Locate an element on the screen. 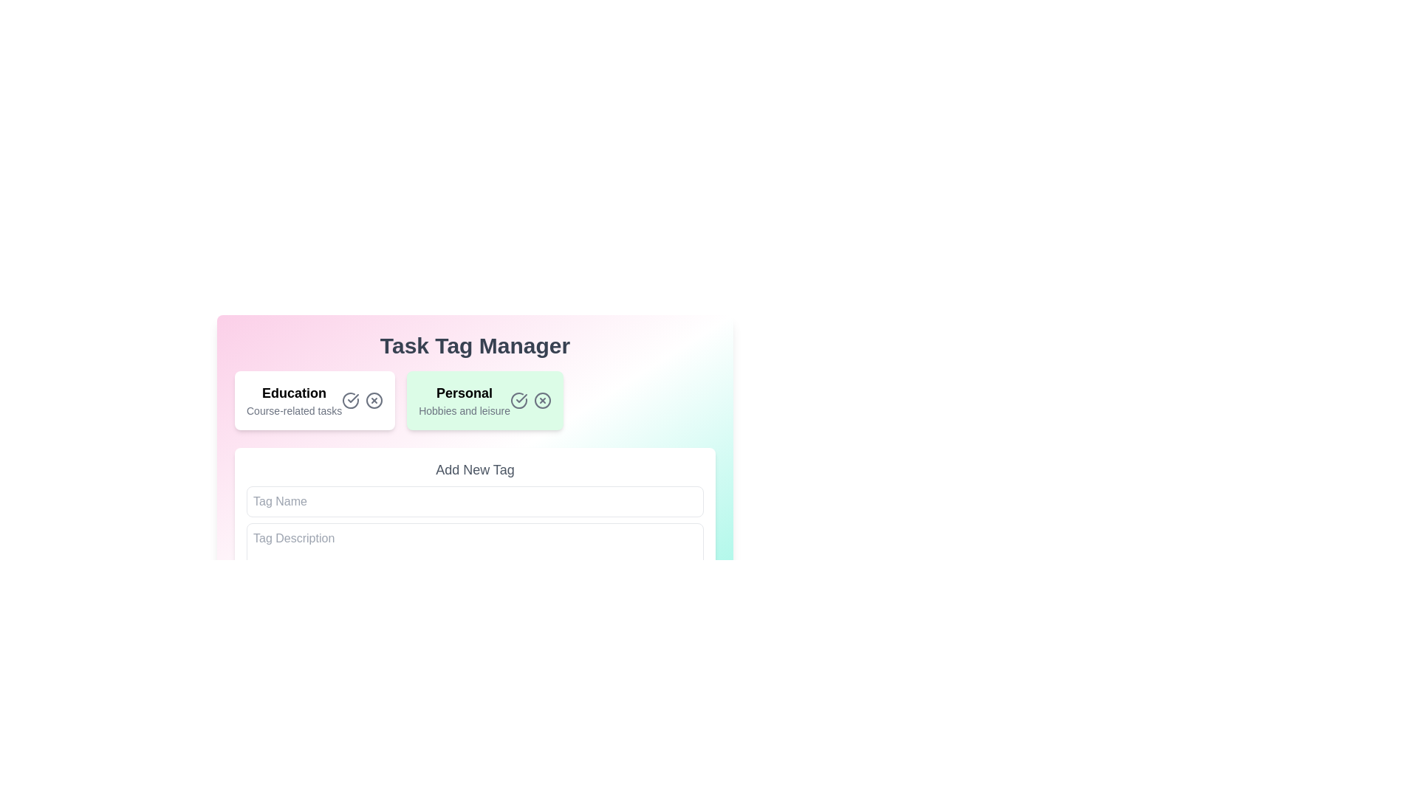  the non-interactive label indicating the purpose of the section for adding a new tag, located above the 'Tag Name' and 'Tag Description' text boxes is located at coordinates (475, 469).